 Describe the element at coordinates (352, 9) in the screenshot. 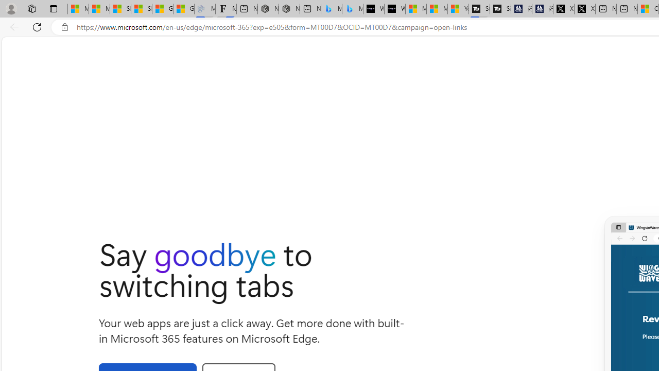

I see `'Microsoft Bing Travel - Shangri-La Hotel Bangkok'` at that location.